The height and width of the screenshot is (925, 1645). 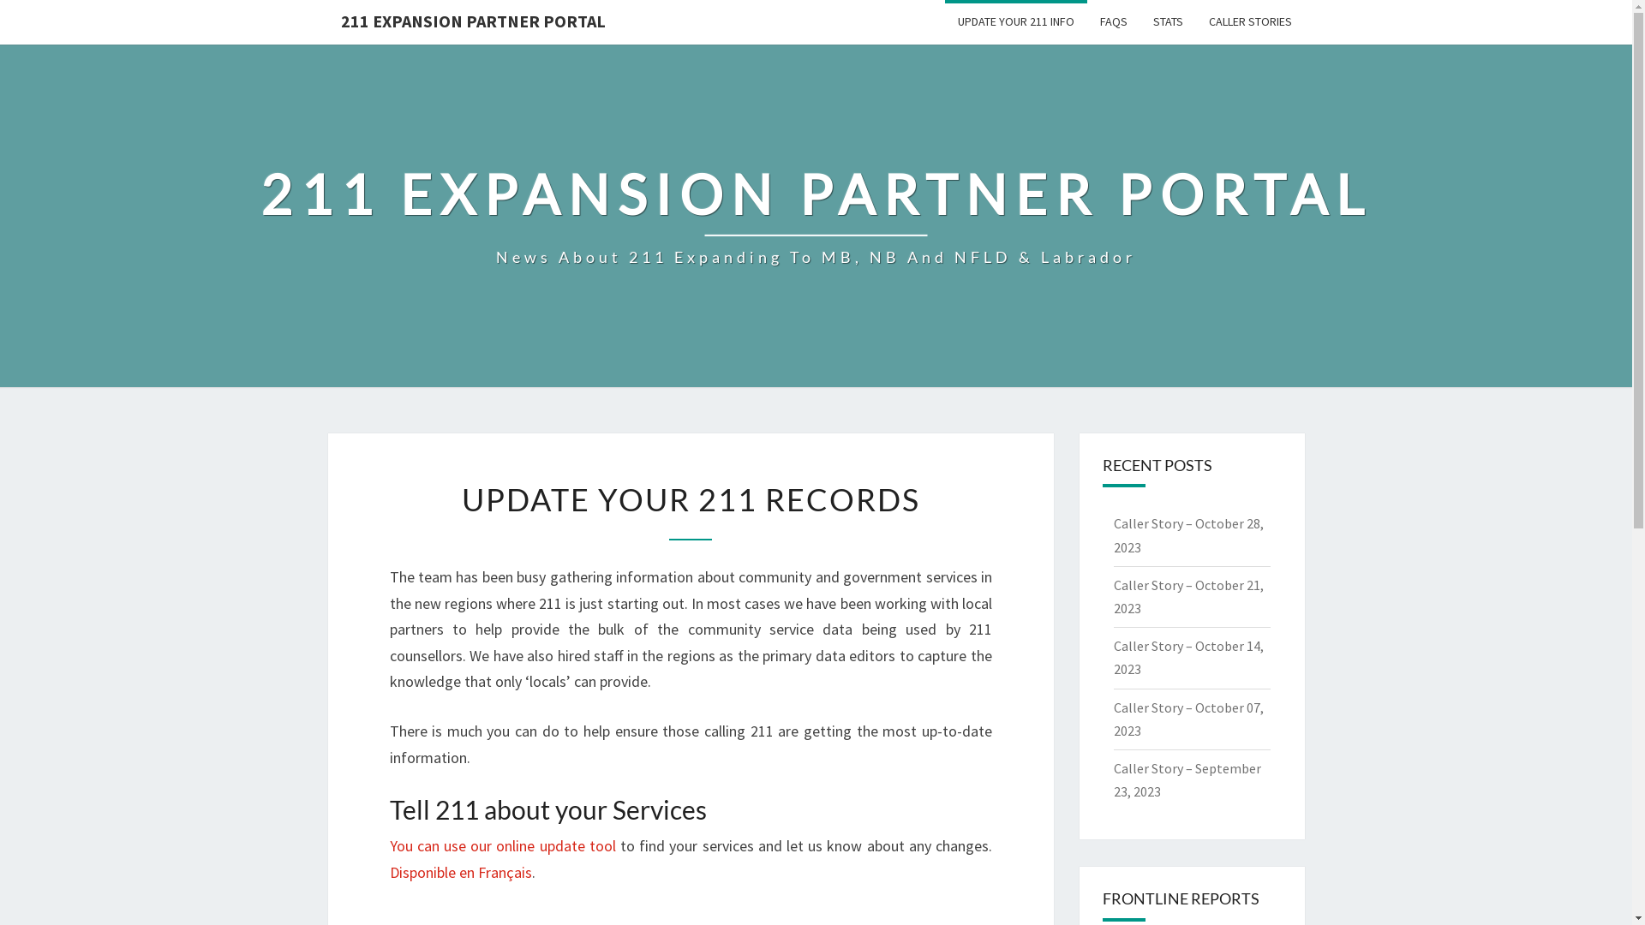 What do you see at coordinates (472, 21) in the screenshot?
I see `'211 EXPANSION PARTNER PORTAL'` at bounding box center [472, 21].